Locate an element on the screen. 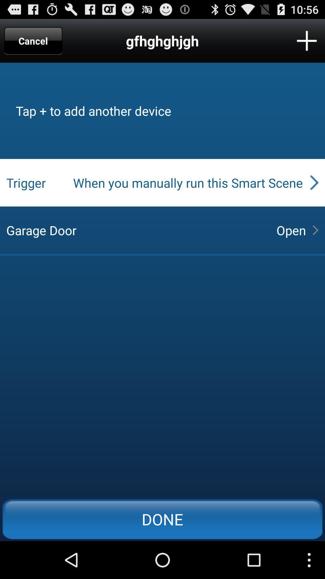 The image size is (325, 579). item below garage door item is located at coordinates (162, 519).